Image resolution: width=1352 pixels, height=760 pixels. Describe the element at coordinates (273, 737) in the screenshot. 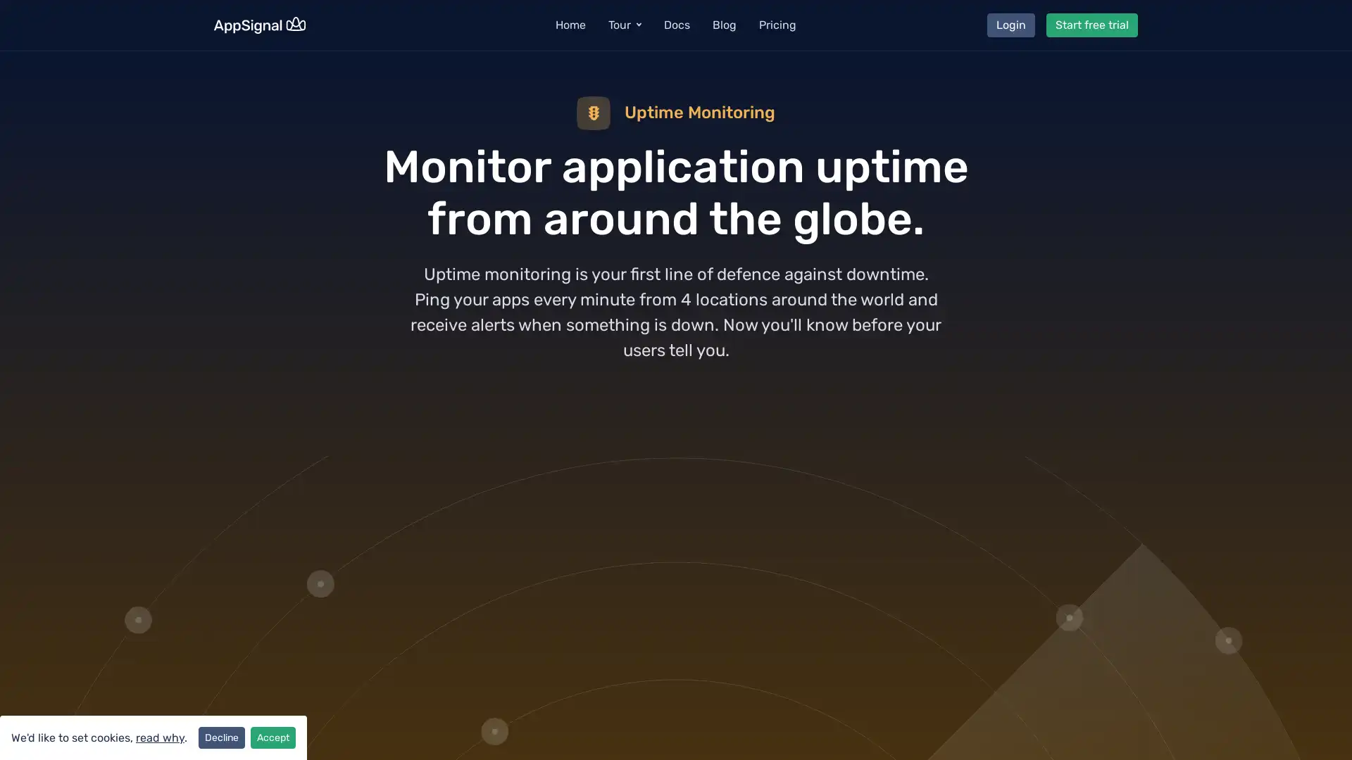

I see `Accept` at that location.